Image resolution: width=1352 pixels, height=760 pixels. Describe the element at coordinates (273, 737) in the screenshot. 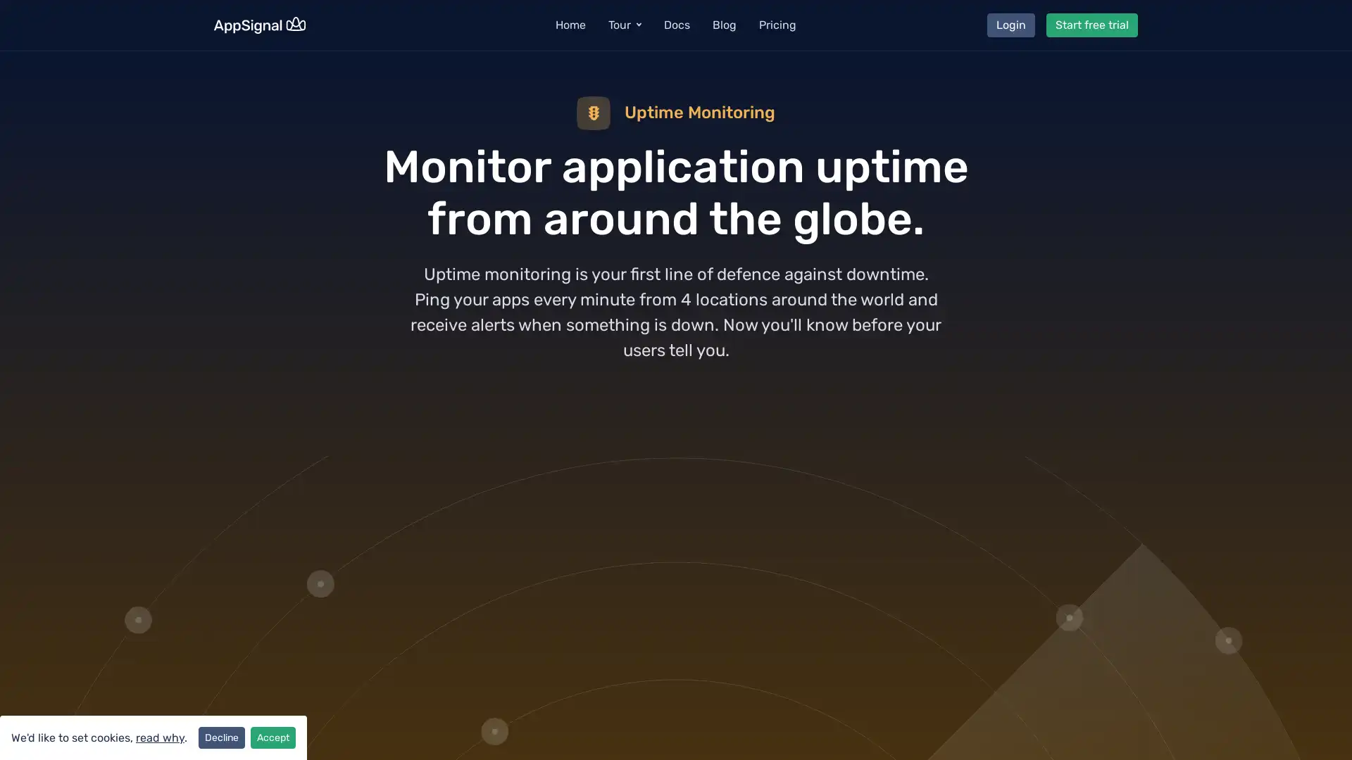

I see `Accept` at that location.